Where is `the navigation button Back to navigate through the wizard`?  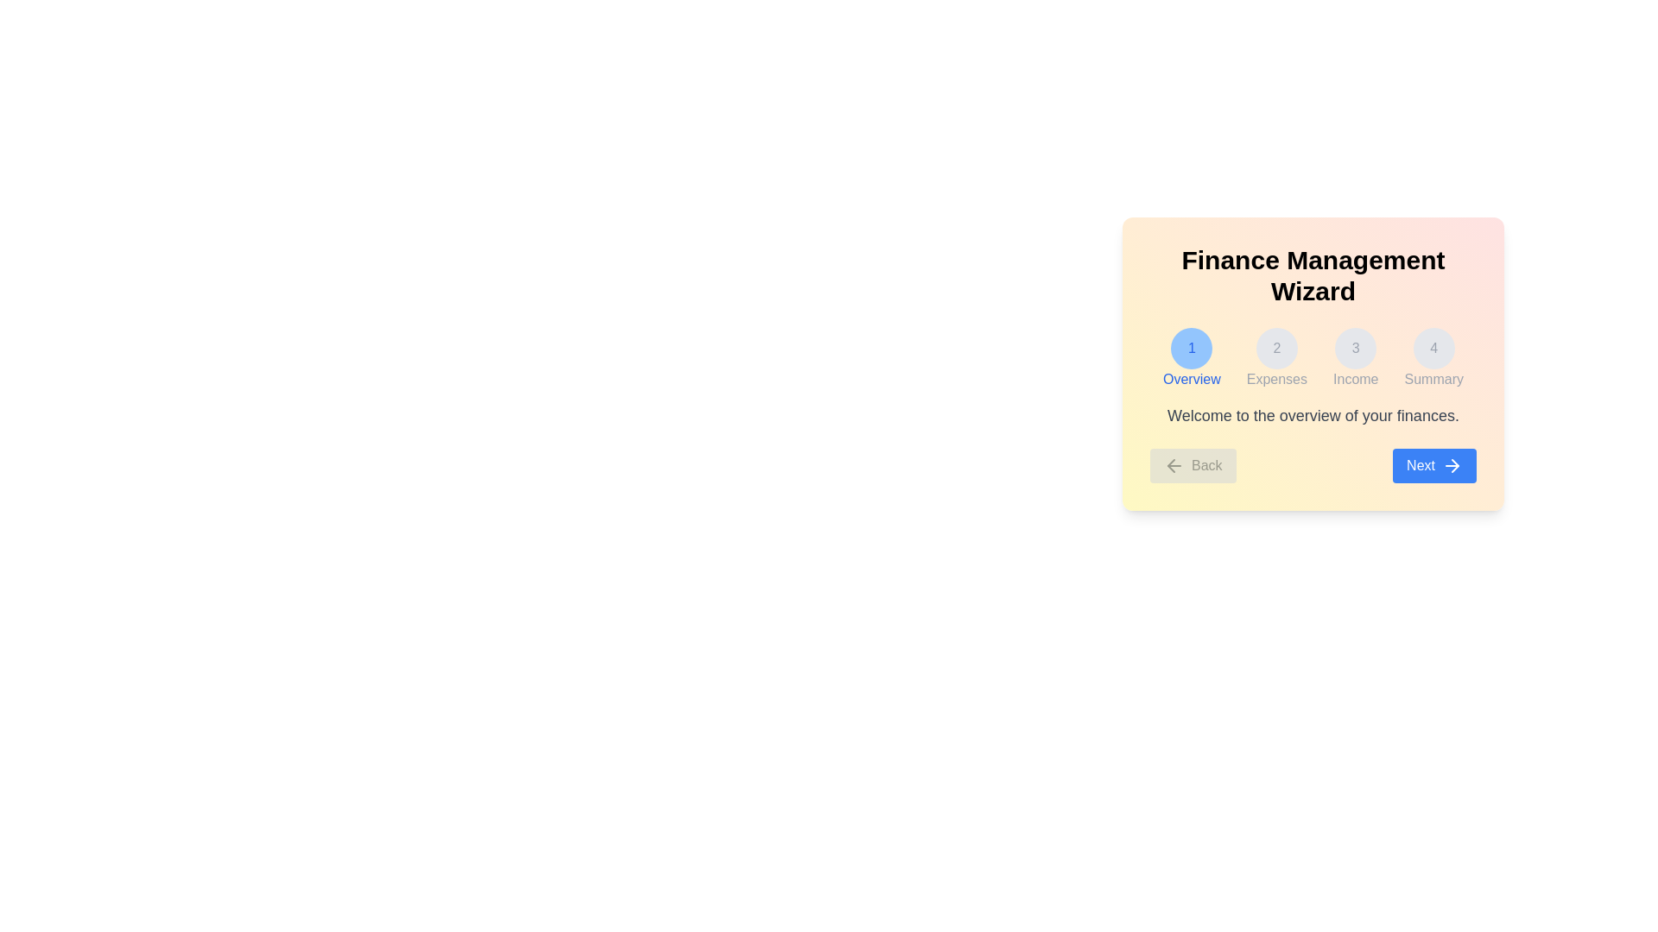 the navigation button Back to navigate through the wizard is located at coordinates (1192, 466).